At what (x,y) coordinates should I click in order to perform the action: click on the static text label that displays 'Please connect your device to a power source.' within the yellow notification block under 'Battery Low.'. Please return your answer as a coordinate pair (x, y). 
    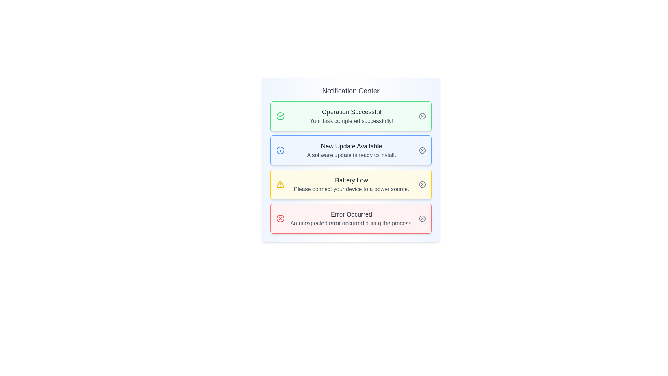
    Looking at the image, I should click on (351, 189).